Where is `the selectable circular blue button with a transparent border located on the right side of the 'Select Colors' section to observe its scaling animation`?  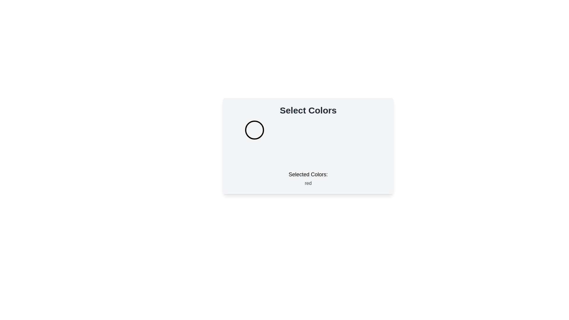
the selectable circular blue button with a transparent border located on the right side of the 'Select Colors' section to observe its scaling animation is located at coordinates (362, 130).